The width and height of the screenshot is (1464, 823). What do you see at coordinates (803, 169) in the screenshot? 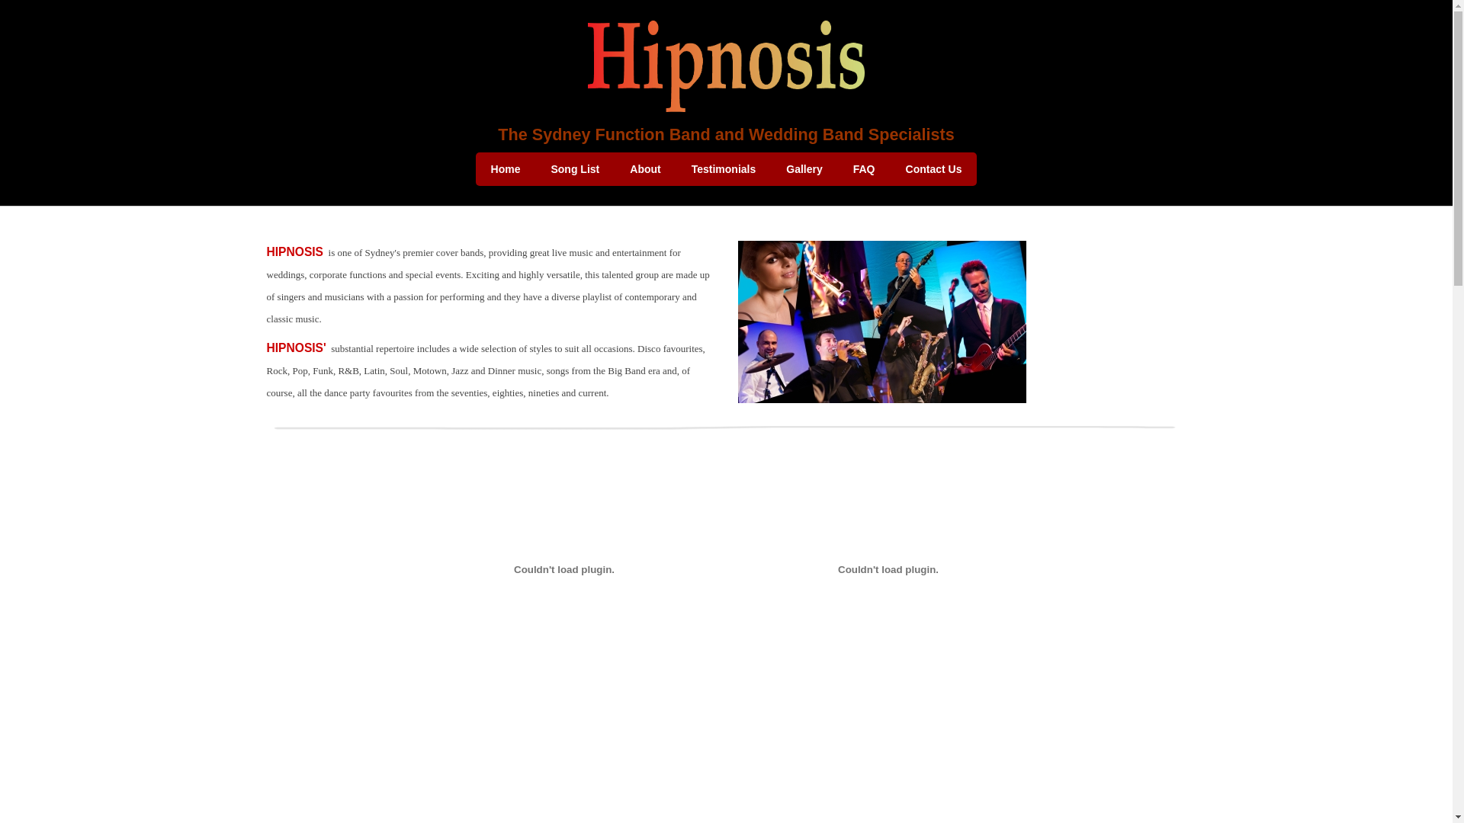
I see `'Gallery'` at bounding box center [803, 169].